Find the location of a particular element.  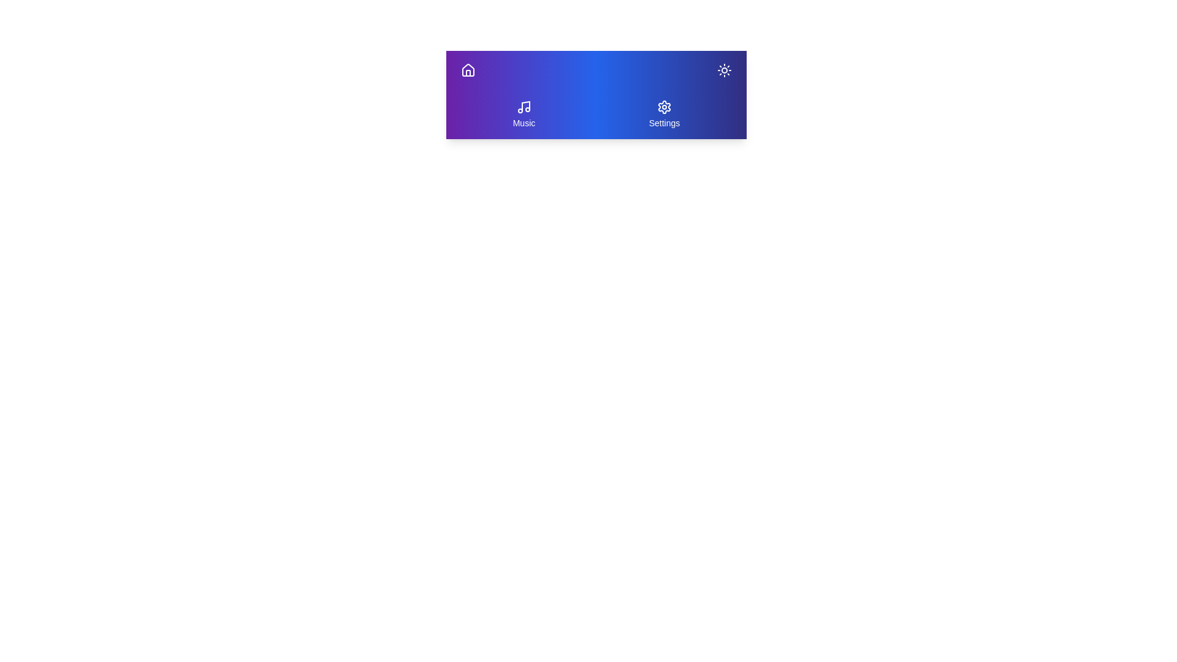

Home button to navigate to the home section is located at coordinates (467, 70).